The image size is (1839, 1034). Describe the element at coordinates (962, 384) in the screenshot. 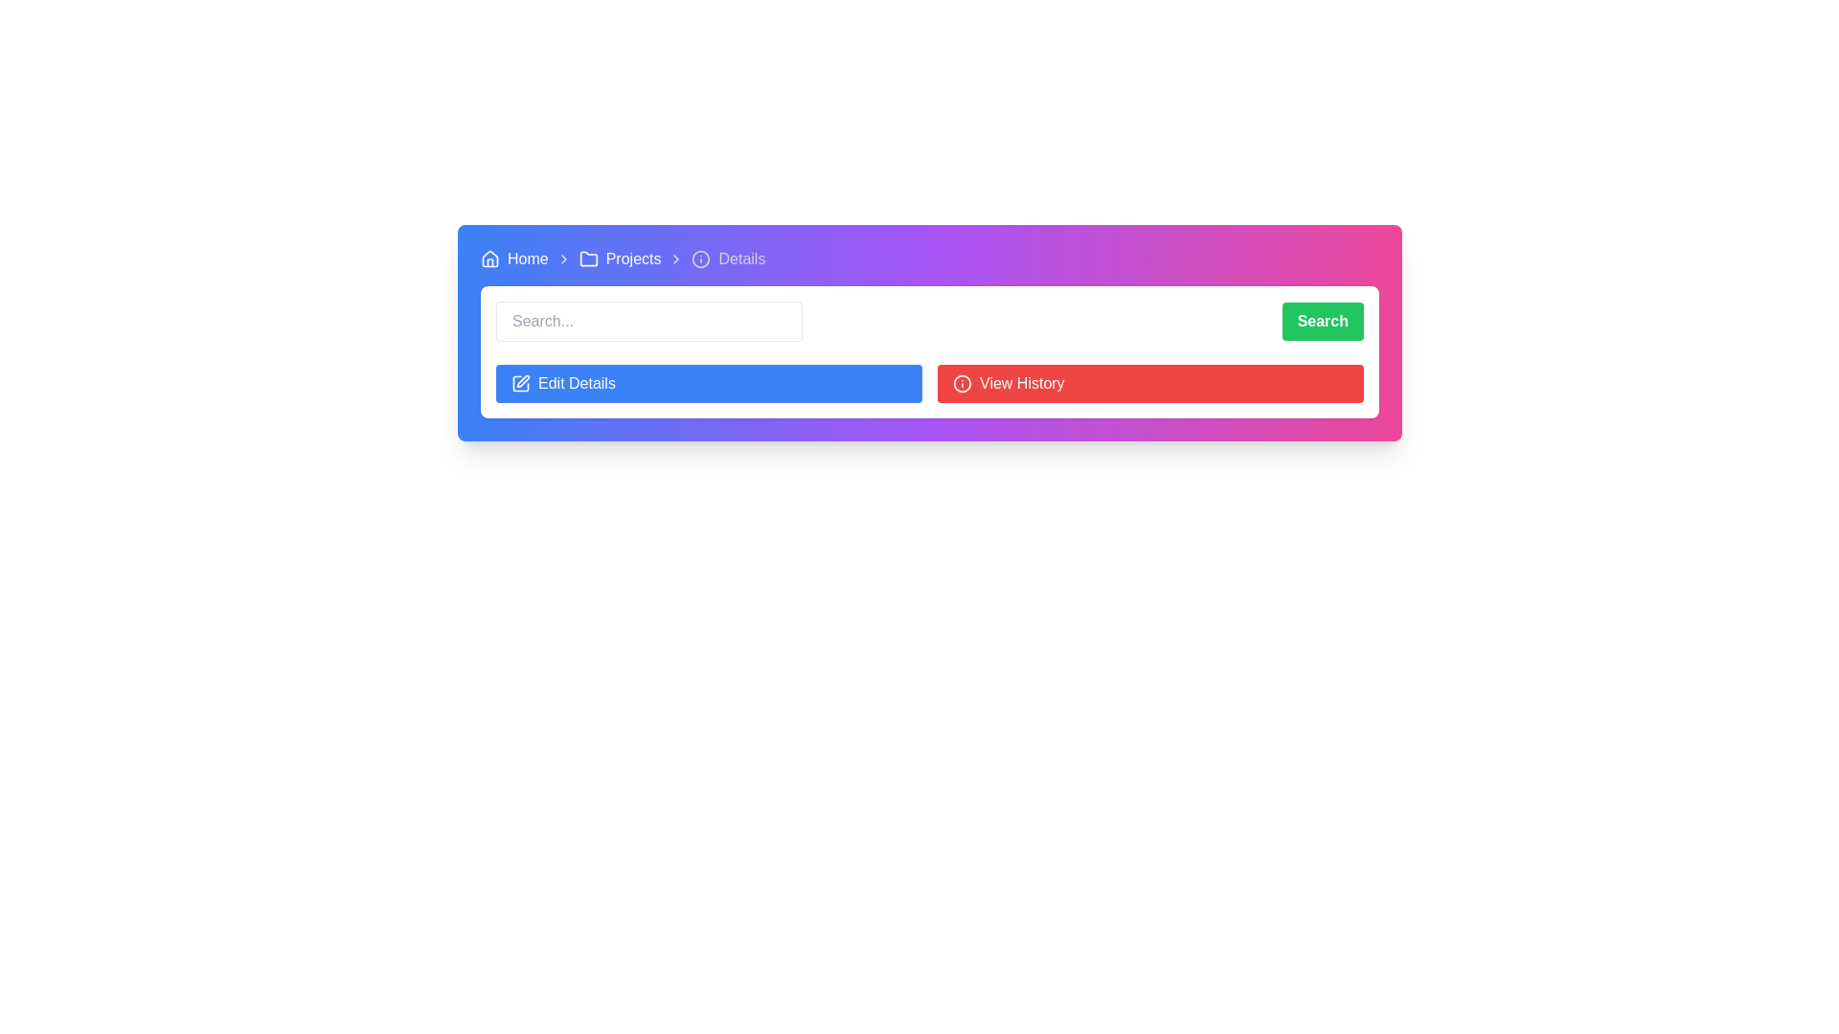

I see `the informational icon within the 'View History' button located at the top-right section of the interface to signify its purpose` at that location.